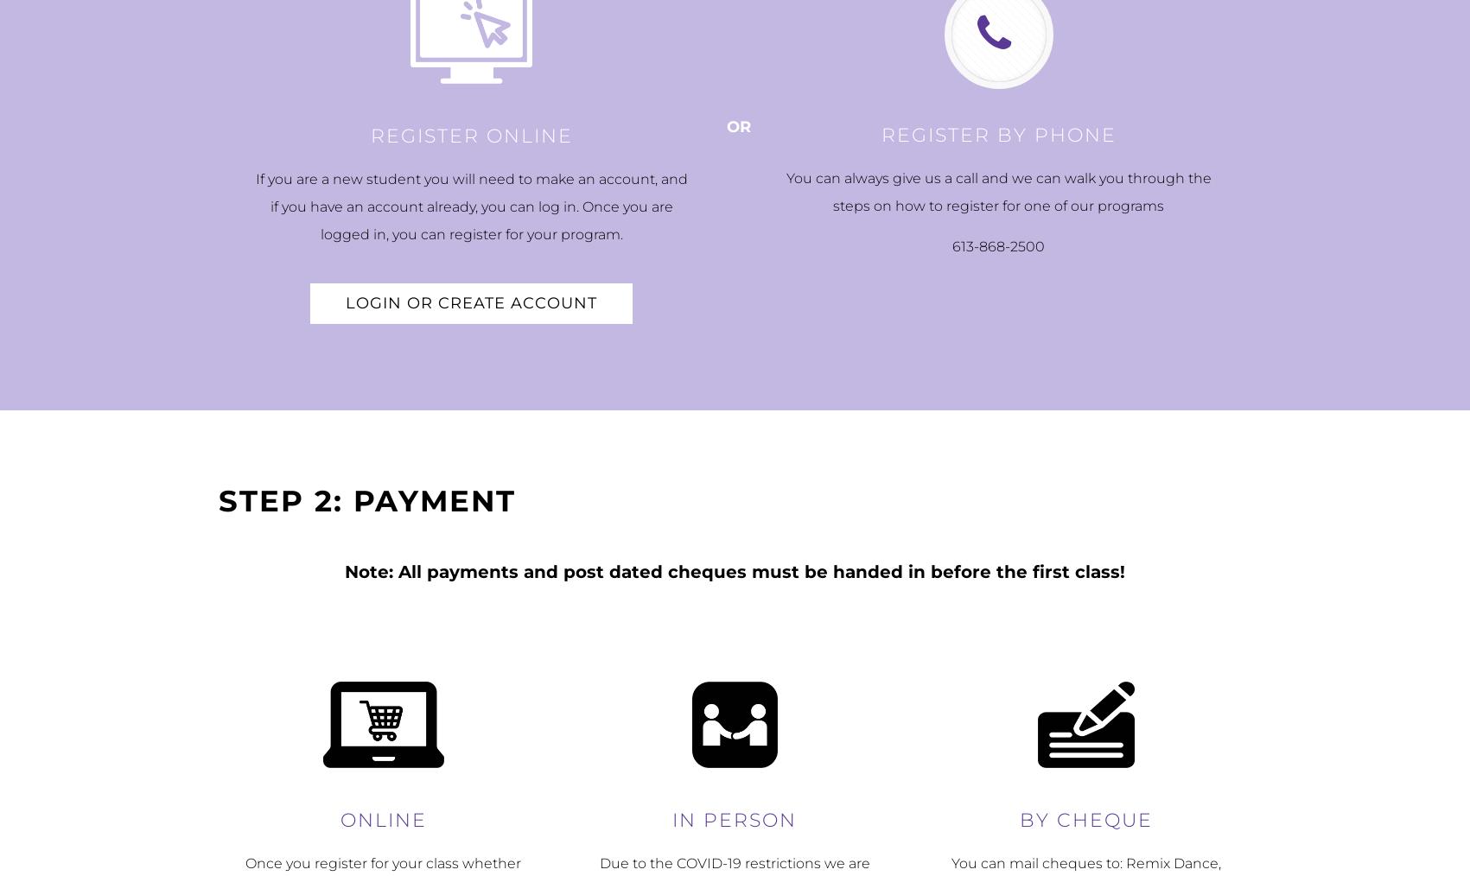  I want to click on 'Online', so click(381, 820).